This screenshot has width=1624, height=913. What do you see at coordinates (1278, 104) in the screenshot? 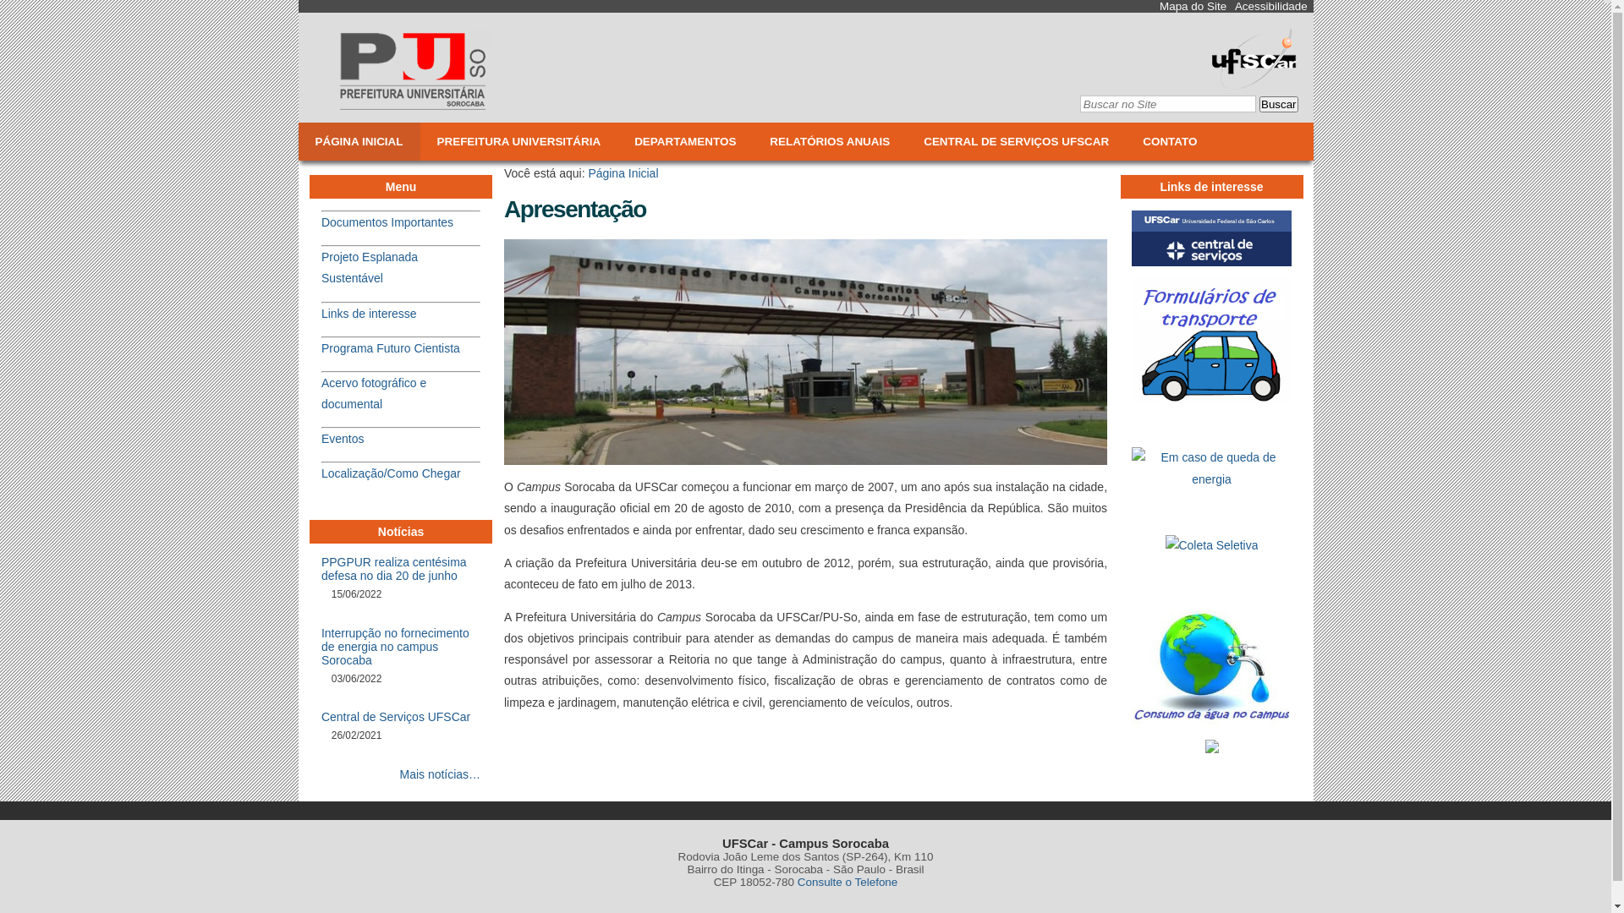
I see `'Buscar'` at bounding box center [1278, 104].